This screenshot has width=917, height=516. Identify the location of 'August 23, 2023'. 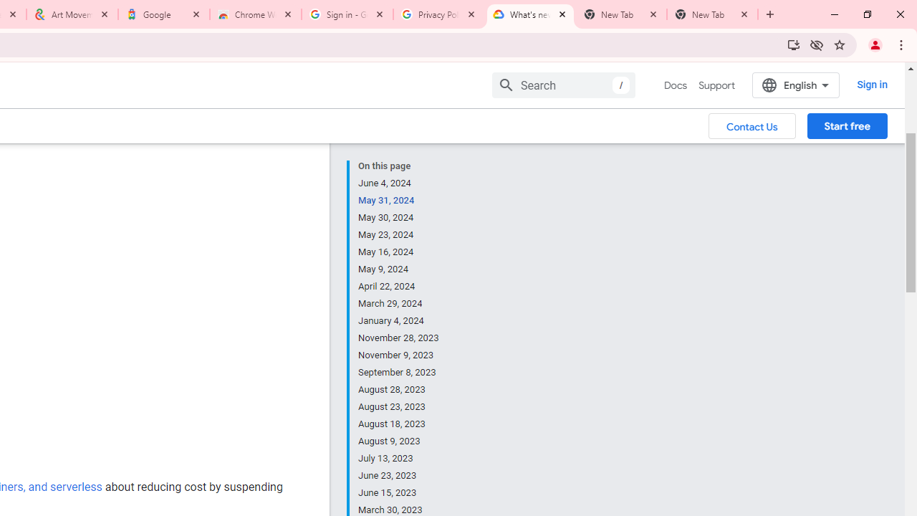
(399, 407).